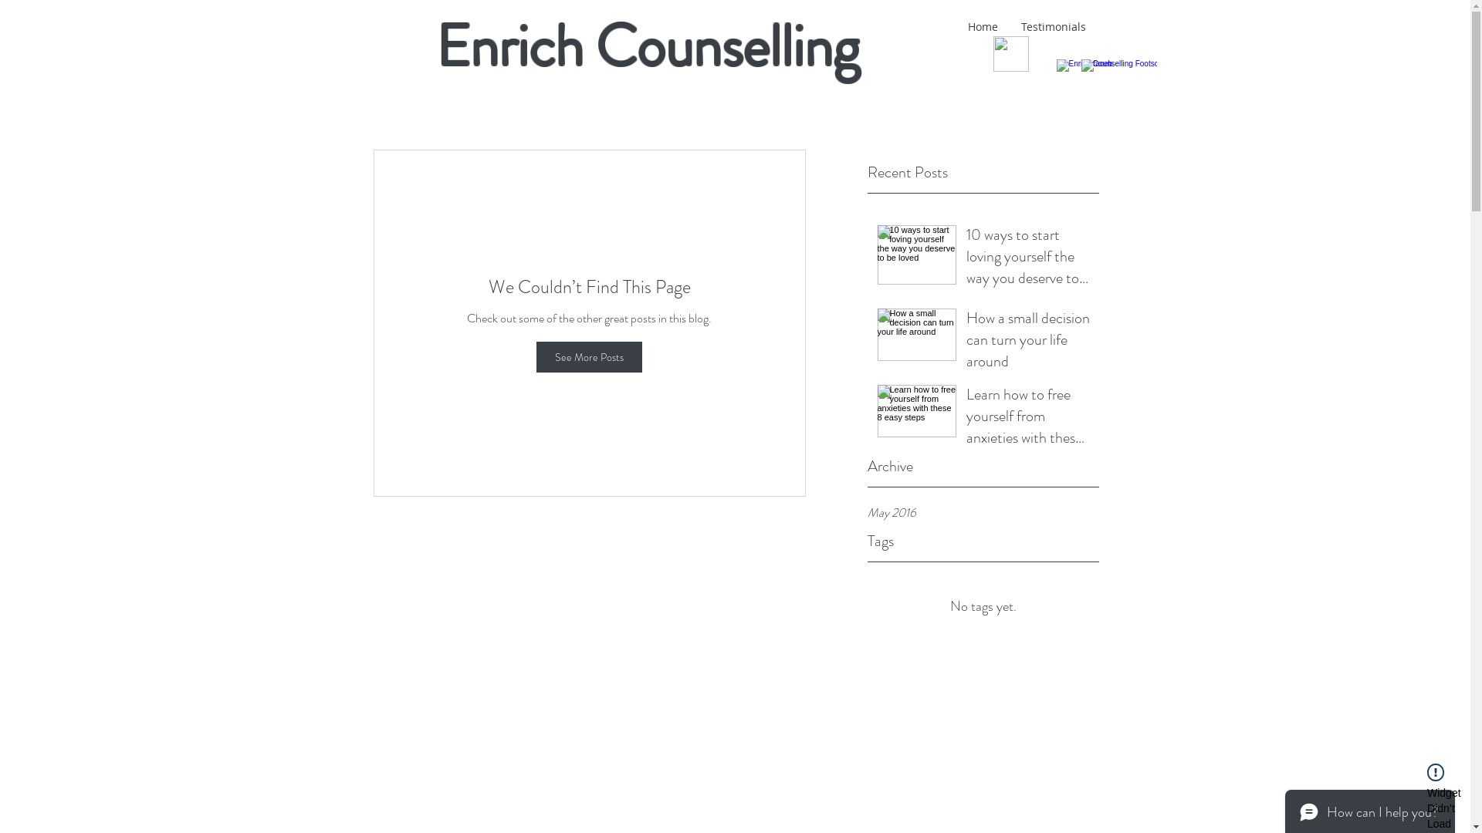 This screenshot has height=833, width=1482. What do you see at coordinates (982, 512) in the screenshot?
I see `'May 2016'` at bounding box center [982, 512].